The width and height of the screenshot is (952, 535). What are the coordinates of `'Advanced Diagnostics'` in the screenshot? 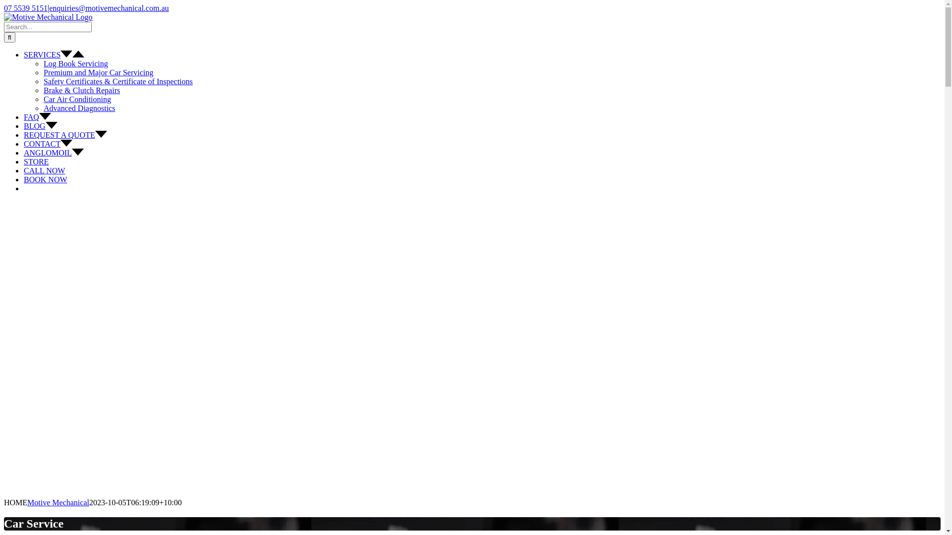 It's located at (78, 108).